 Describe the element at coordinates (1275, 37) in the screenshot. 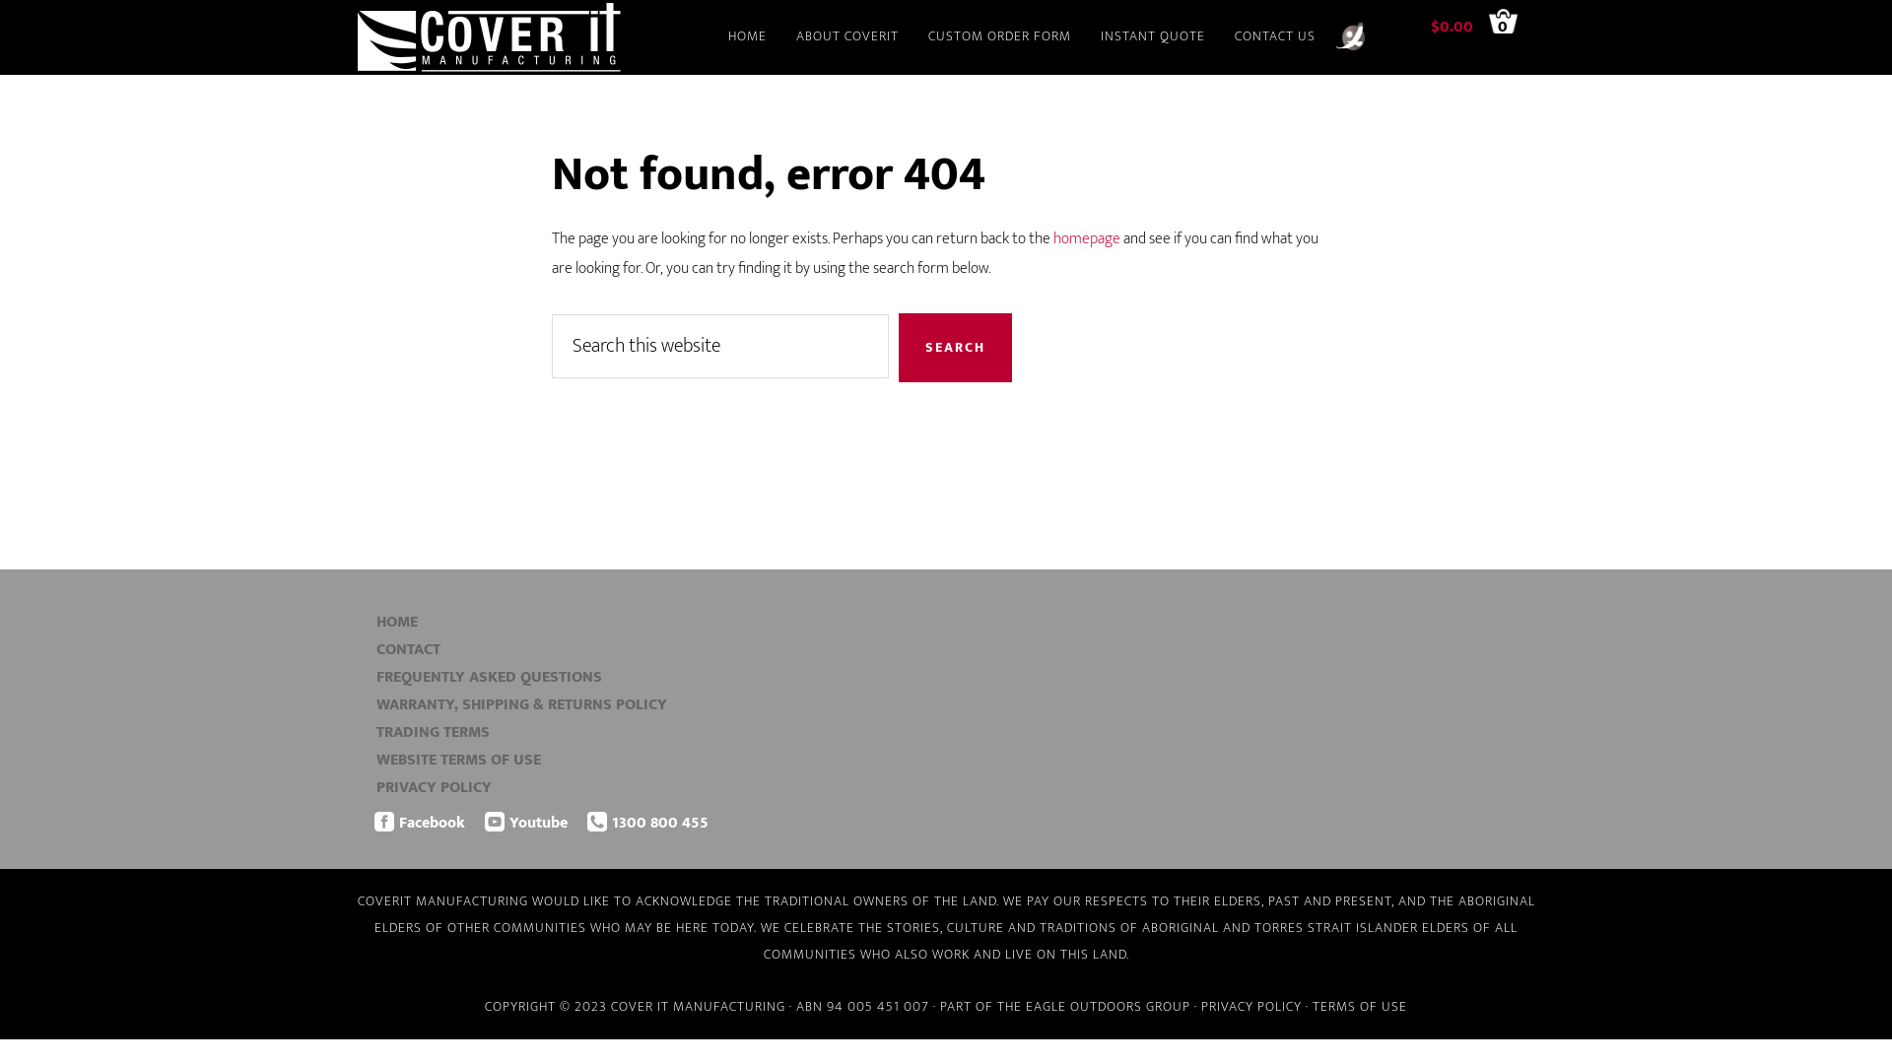

I see `'CONTACT US'` at that location.